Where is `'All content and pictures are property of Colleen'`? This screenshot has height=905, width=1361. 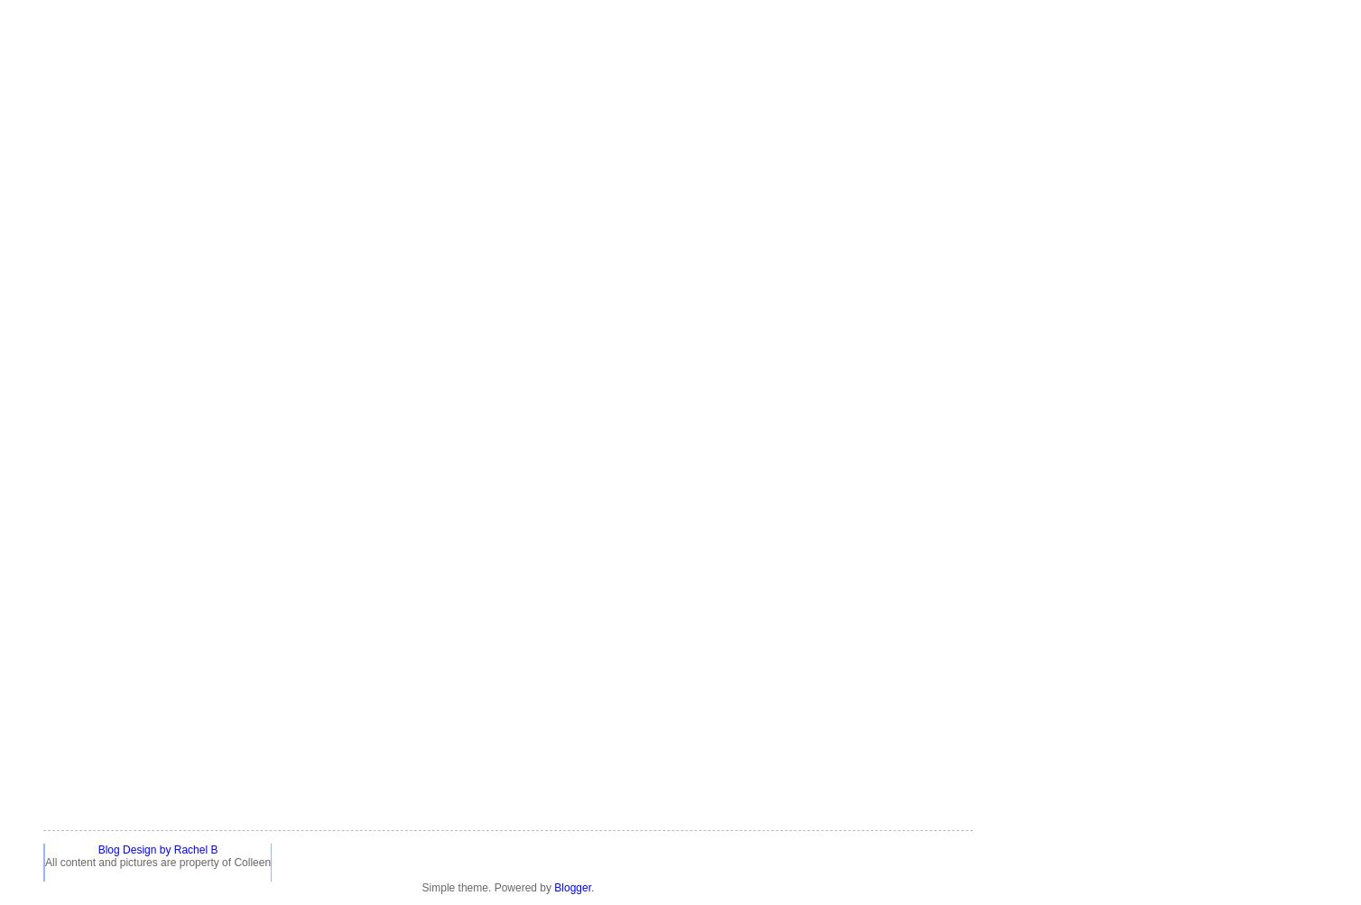 'All content and pictures are property of Colleen' is located at coordinates (157, 861).